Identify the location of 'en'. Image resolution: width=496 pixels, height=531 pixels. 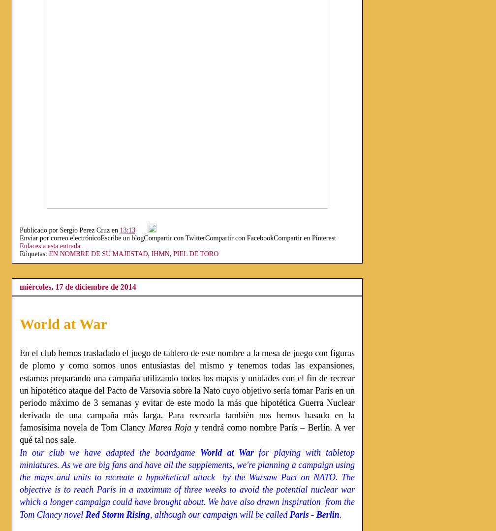
(115, 230).